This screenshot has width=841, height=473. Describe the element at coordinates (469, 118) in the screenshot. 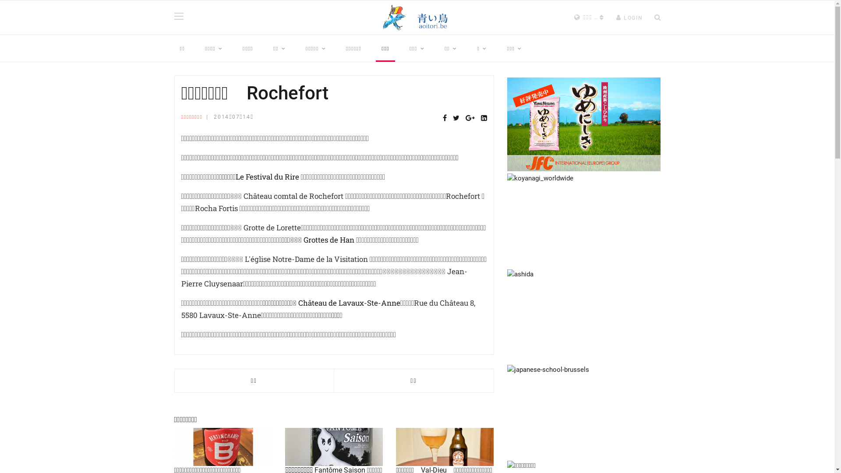

I see `'Google Plus'` at that location.